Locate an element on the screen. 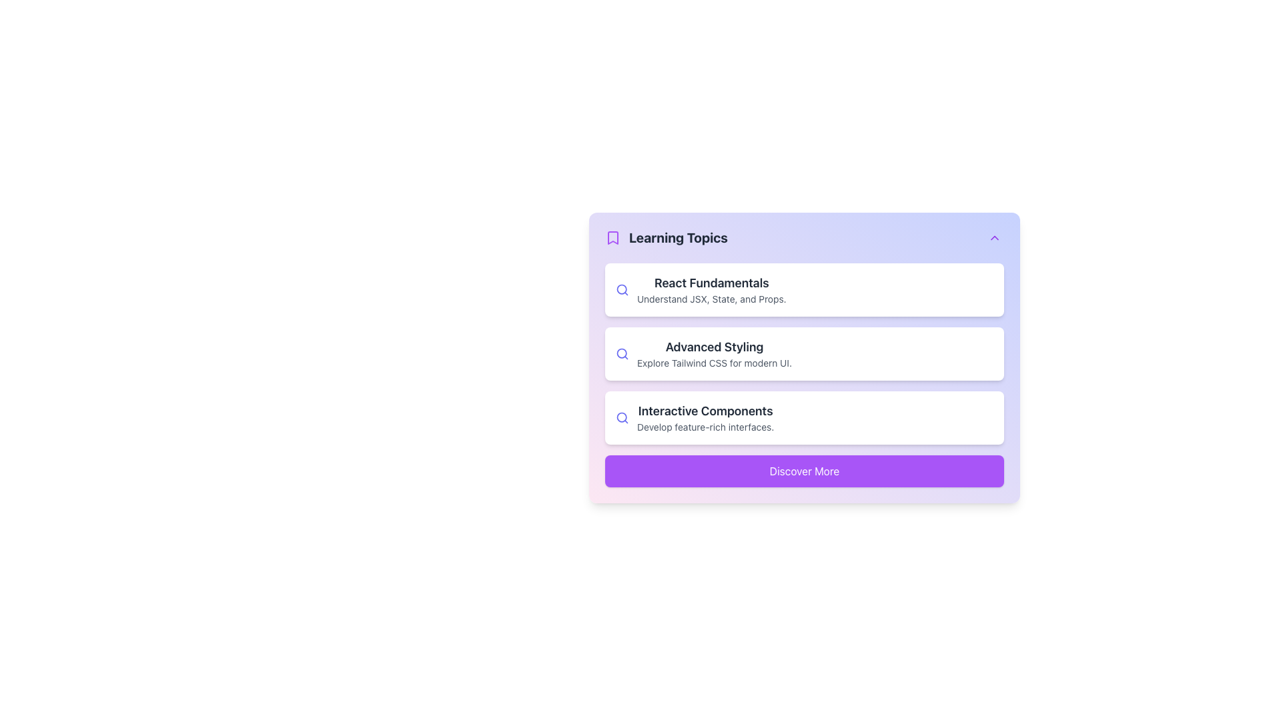 The width and height of the screenshot is (1281, 720). the Informational card for the learning topic 'React Fundamentals' that provides a summary about JSX, State, and Props, located in the 'Learning Topics' section is located at coordinates (803, 289).